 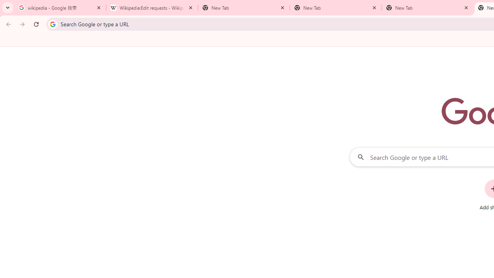 I want to click on 'Wikipedia:Edit requests - Wikipedia', so click(x=152, y=8).